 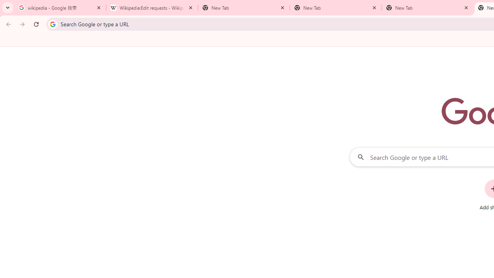 I want to click on 'Wikipedia:Edit requests - Wikipedia', so click(x=152, y=8).